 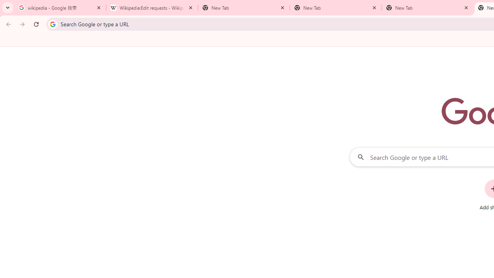 I want to click on 'Wikipedia:Edit requests - Wikipedia', so click(x=152, y=8).